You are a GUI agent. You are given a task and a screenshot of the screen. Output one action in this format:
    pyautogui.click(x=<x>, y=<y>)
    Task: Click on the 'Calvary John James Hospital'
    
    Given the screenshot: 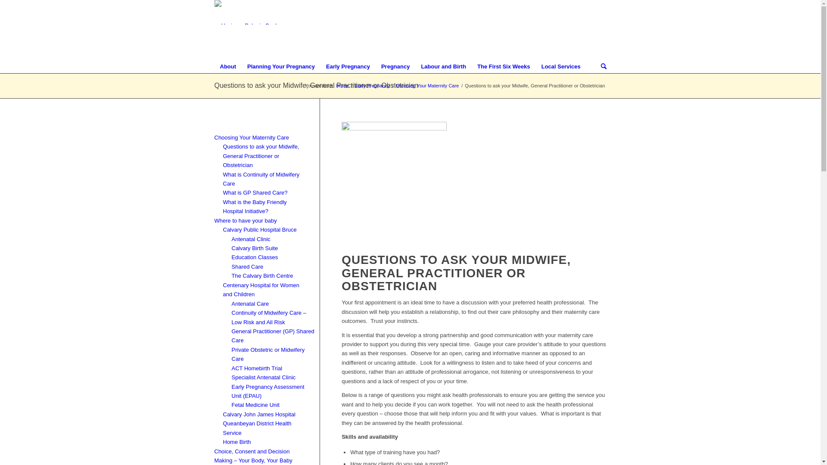 What is the action you would take?
    pyautogui.click(x=258, y=413)
    